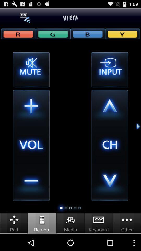  Describe the element at coordinates (109, 182) in the screenshot. I see `channel down` at that location.